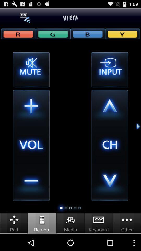  Describe the element at coordinates (109, 182) in the screenshot. I see `channel down` at that location.